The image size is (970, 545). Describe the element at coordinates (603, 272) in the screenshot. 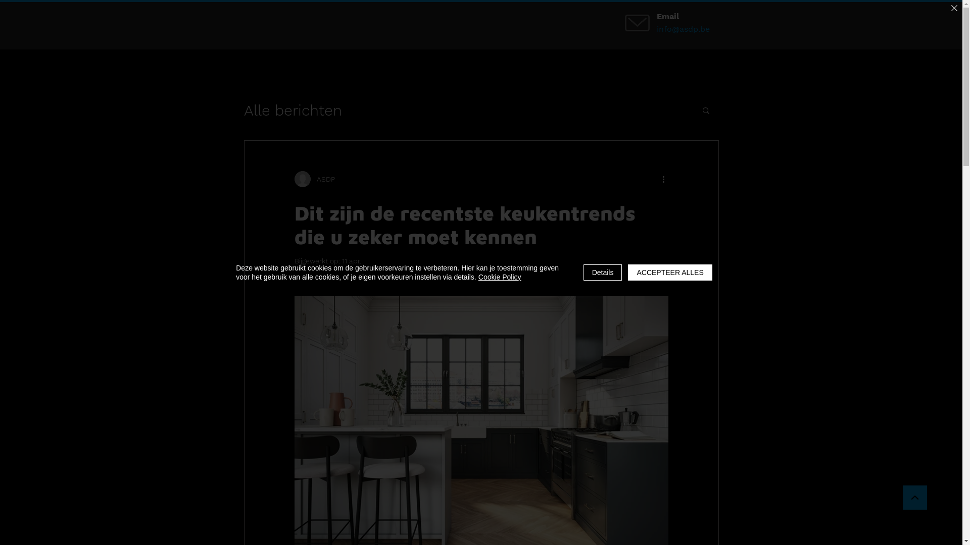

I see `'Details'` at that location.